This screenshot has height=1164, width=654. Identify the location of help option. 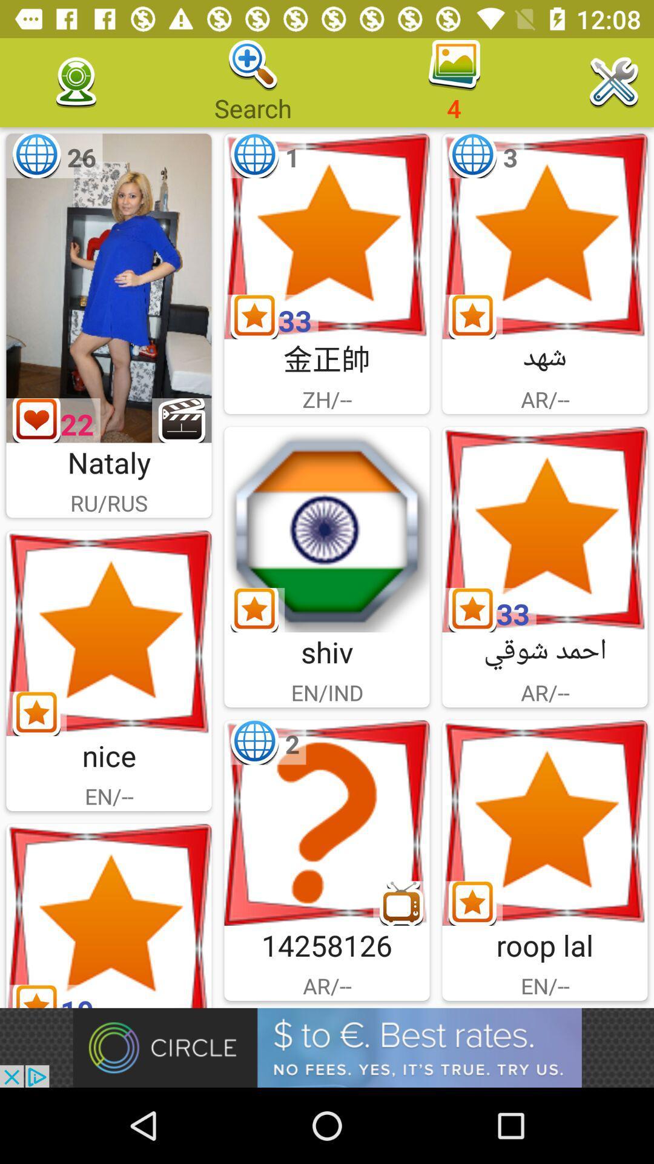
(327, 823).